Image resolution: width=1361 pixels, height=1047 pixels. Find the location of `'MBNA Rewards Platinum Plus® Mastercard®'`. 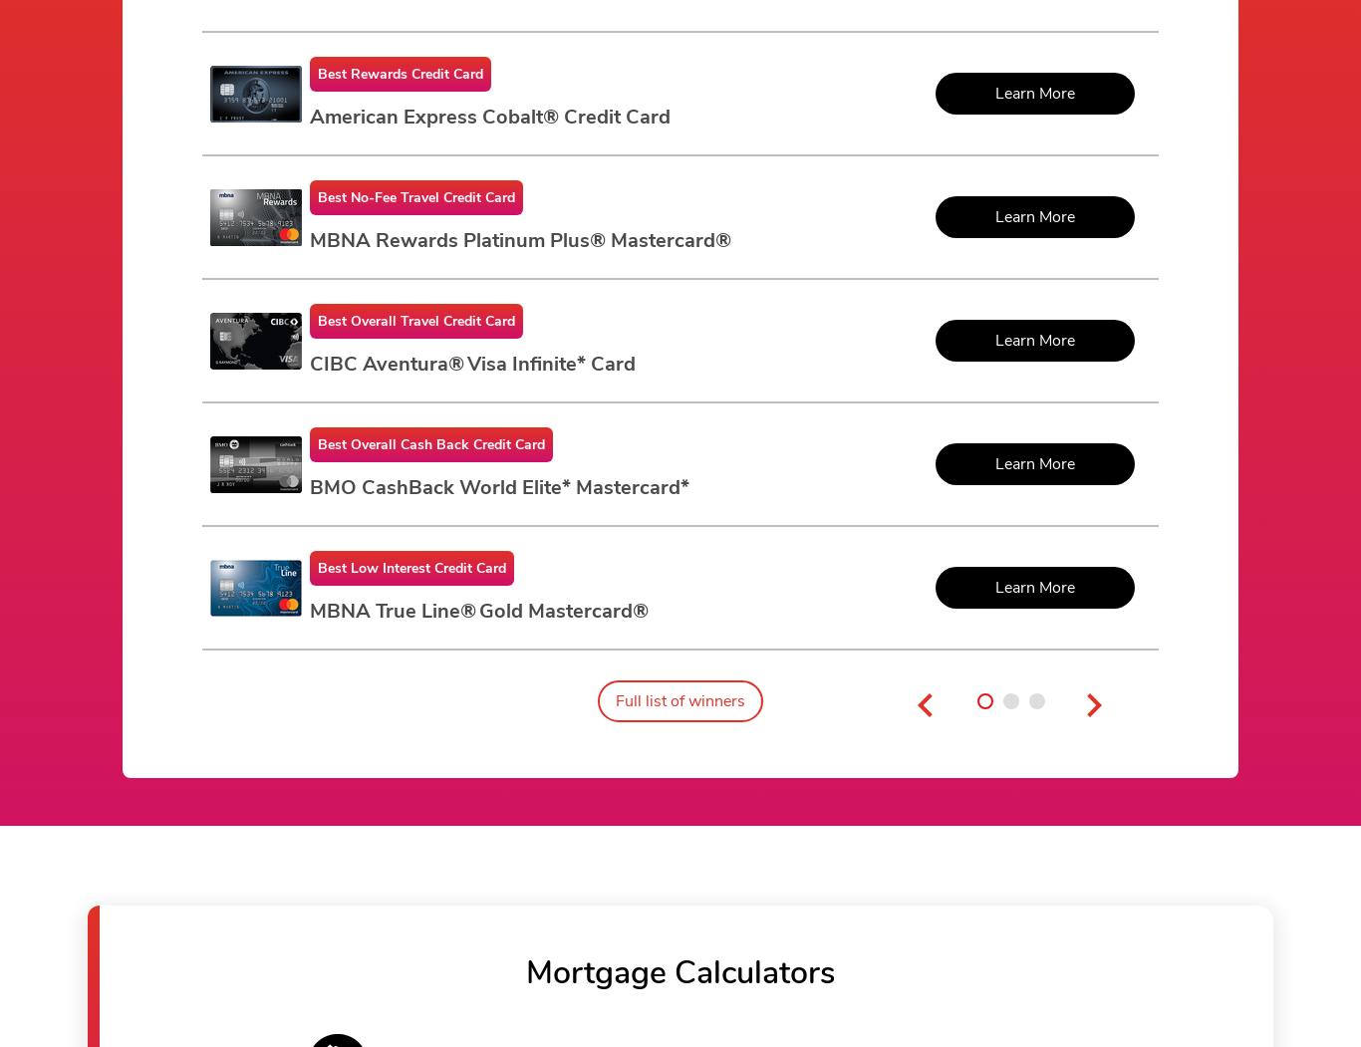

'MBNA Rewards Platinum Plus® Mastercard®' is located at coordinates (520, 239).